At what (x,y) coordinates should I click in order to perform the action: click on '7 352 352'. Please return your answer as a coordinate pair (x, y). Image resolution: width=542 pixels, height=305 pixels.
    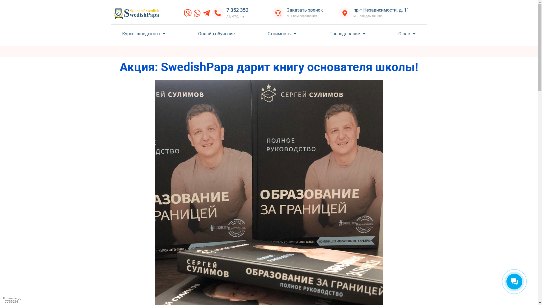
    Looking at the image, I should click on (237, 10).